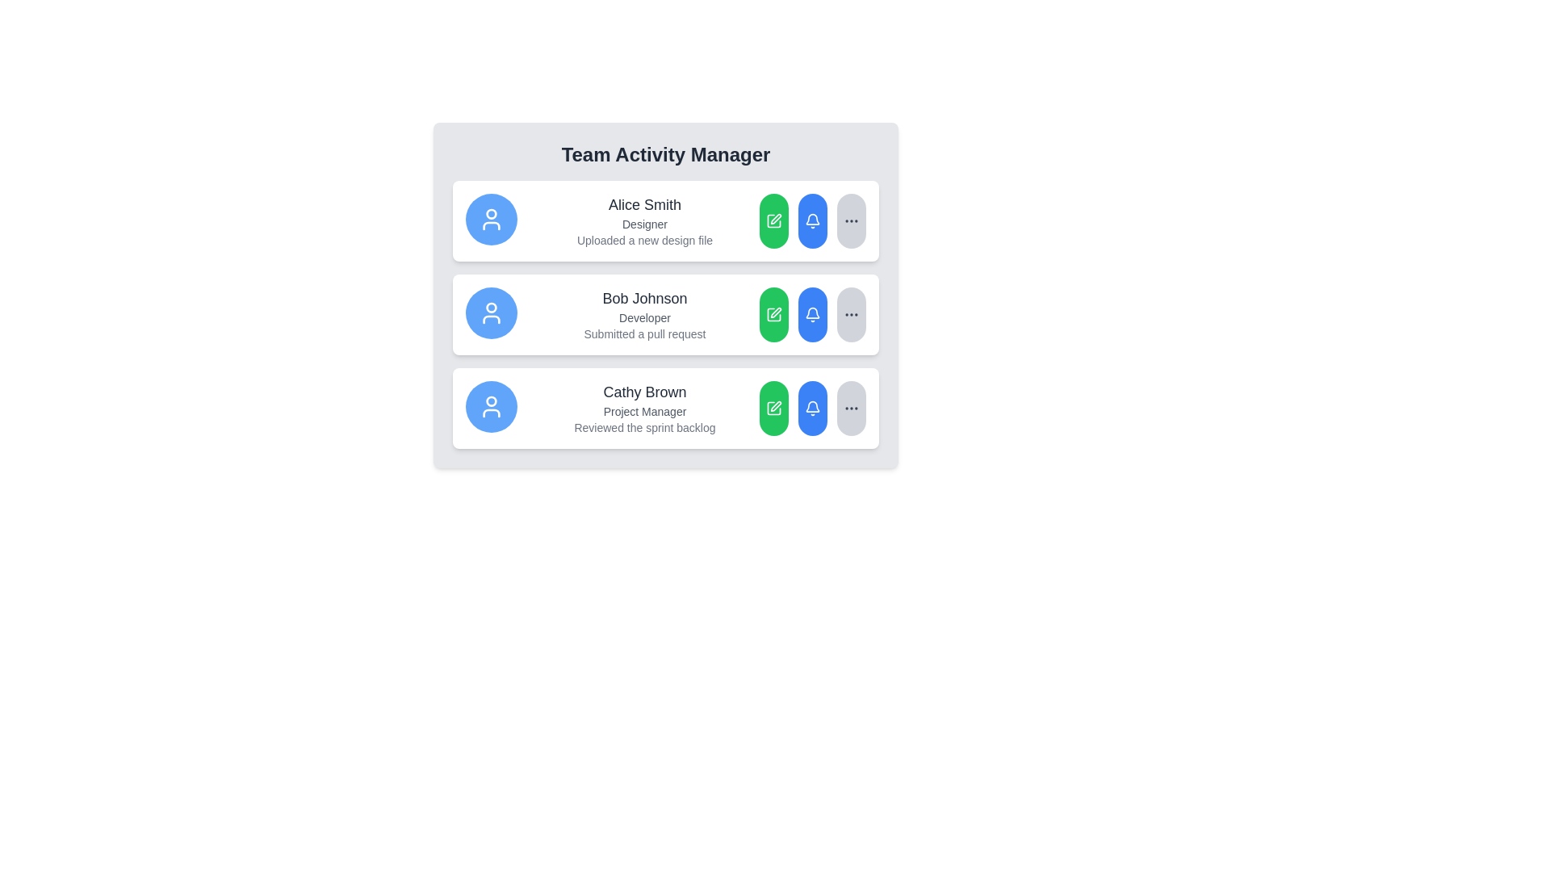 This screenshot has height=872, width=1550. I want to click on the circular blue button with a white bell icon, so click(813, 407).